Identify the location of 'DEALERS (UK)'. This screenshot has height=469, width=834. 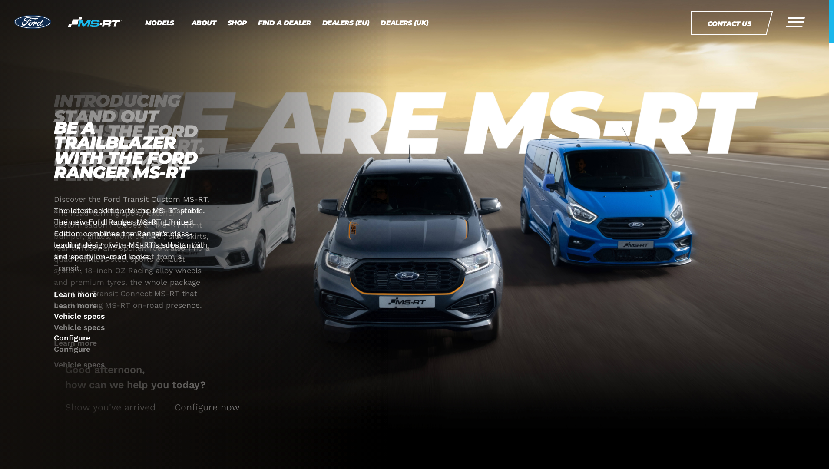
(373, 23).